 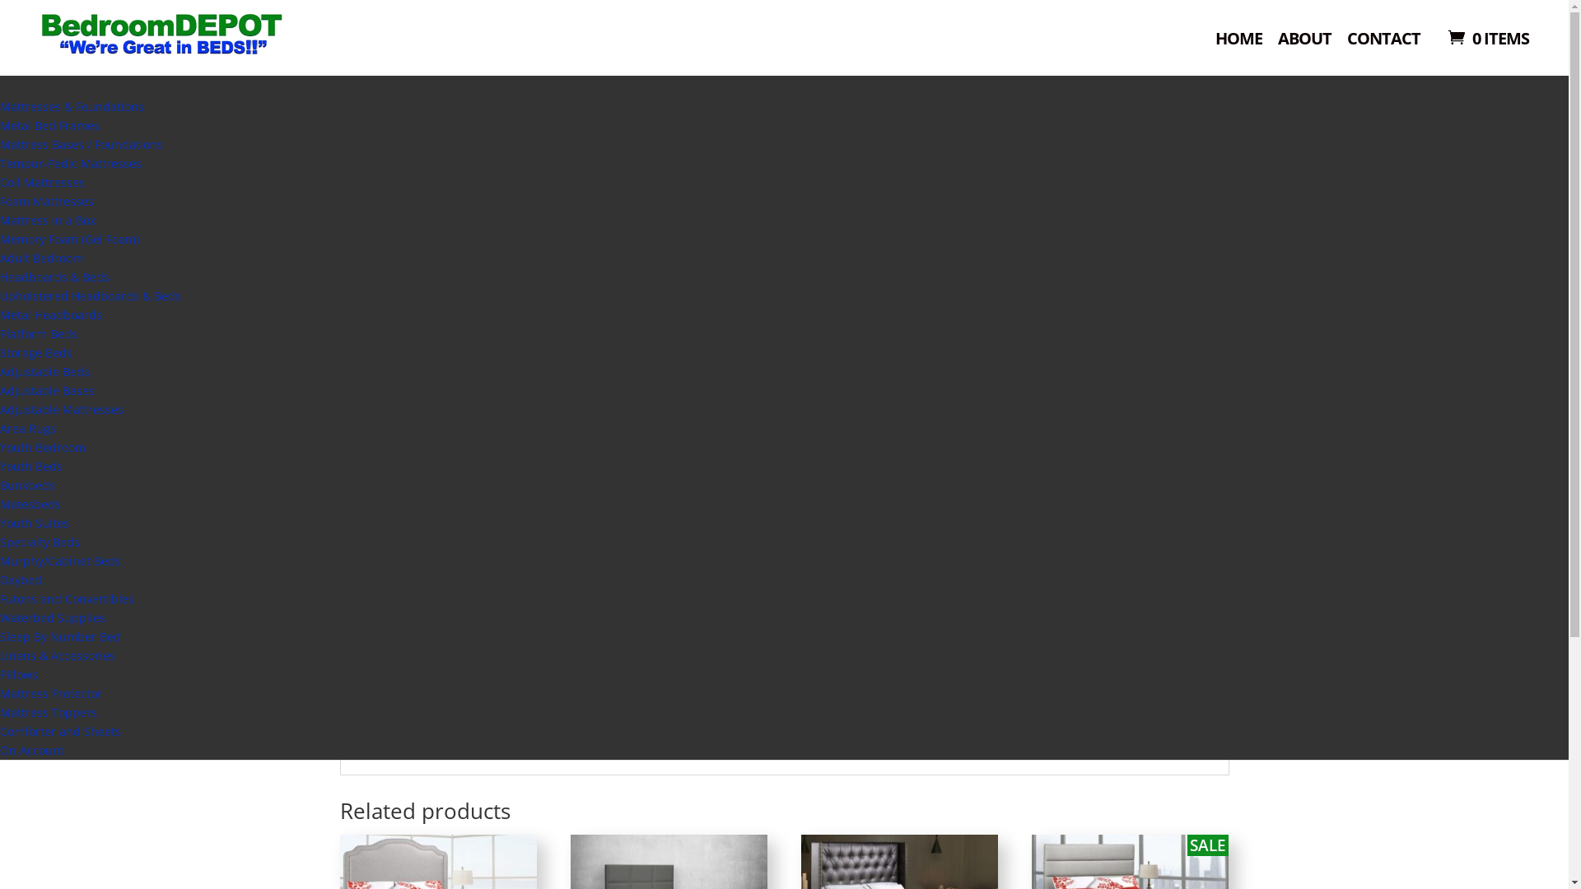 What do you see at coordinates (47, 219) in the screenshot?
I see `'Mattress in a Box'` at bounding box center [47, 219].